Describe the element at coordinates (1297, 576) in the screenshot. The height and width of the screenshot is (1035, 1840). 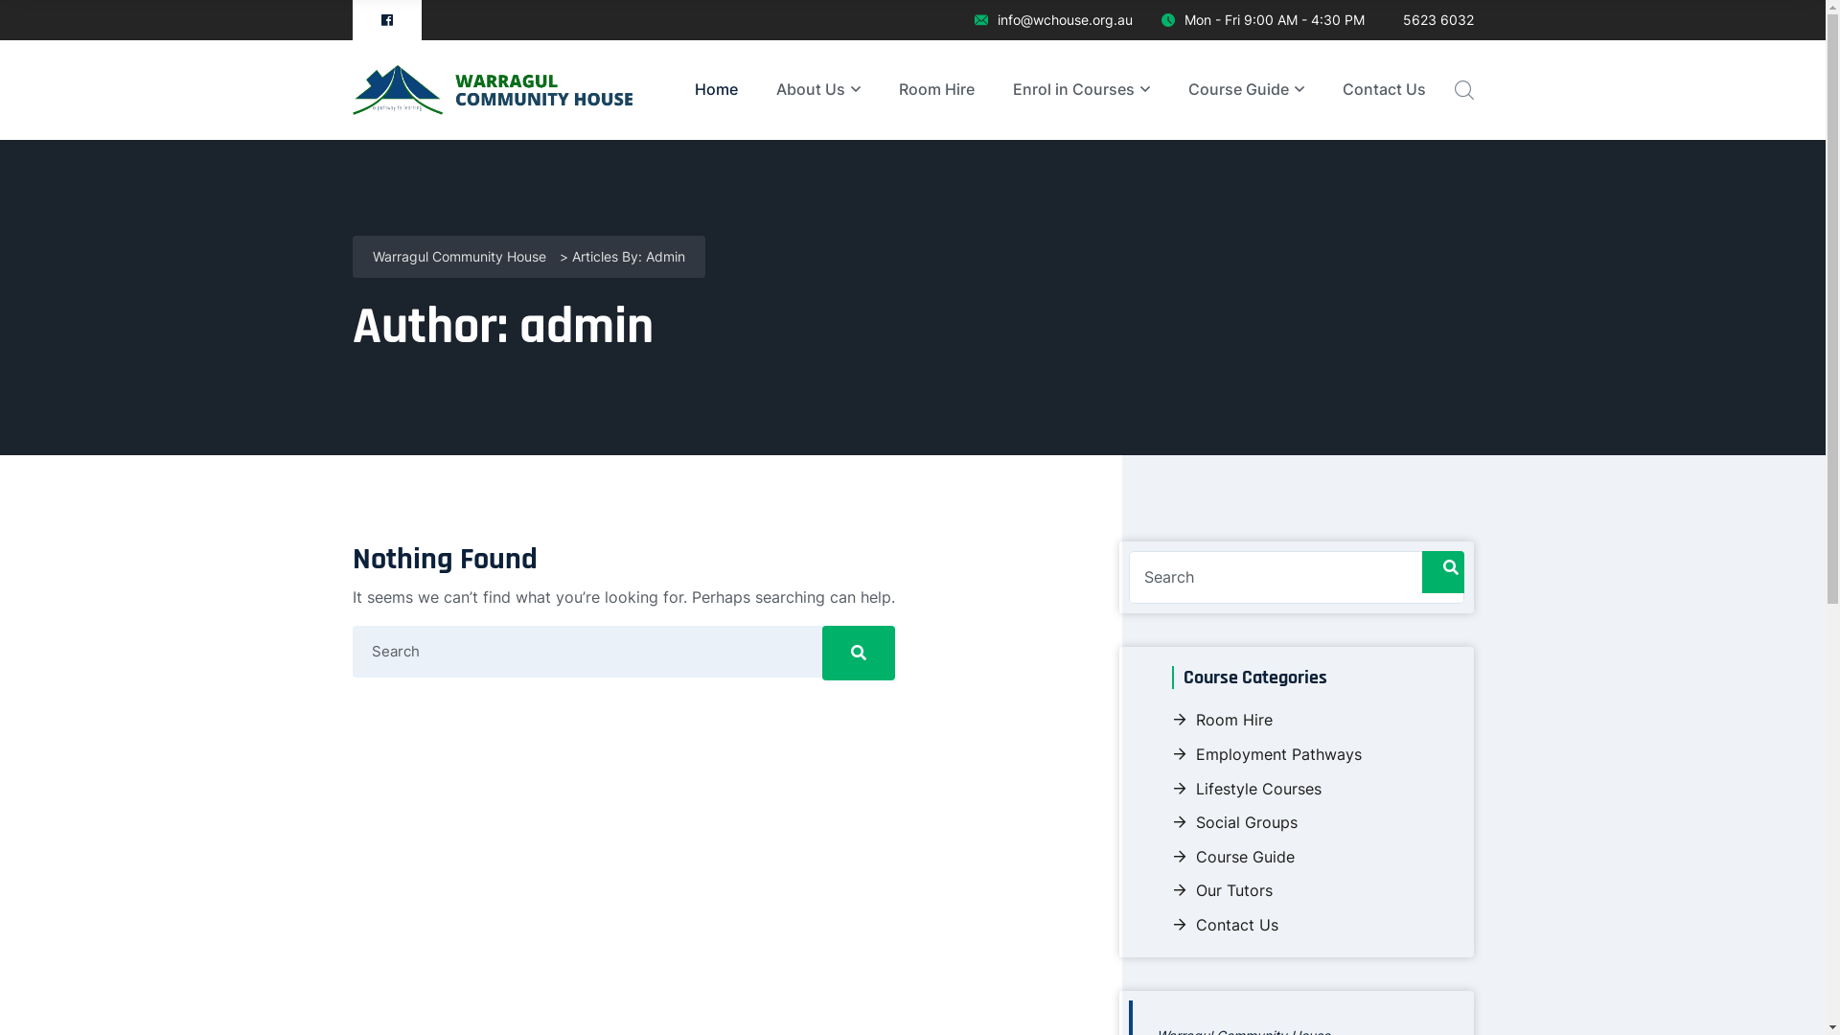
I see `'Search for:'` at that location.